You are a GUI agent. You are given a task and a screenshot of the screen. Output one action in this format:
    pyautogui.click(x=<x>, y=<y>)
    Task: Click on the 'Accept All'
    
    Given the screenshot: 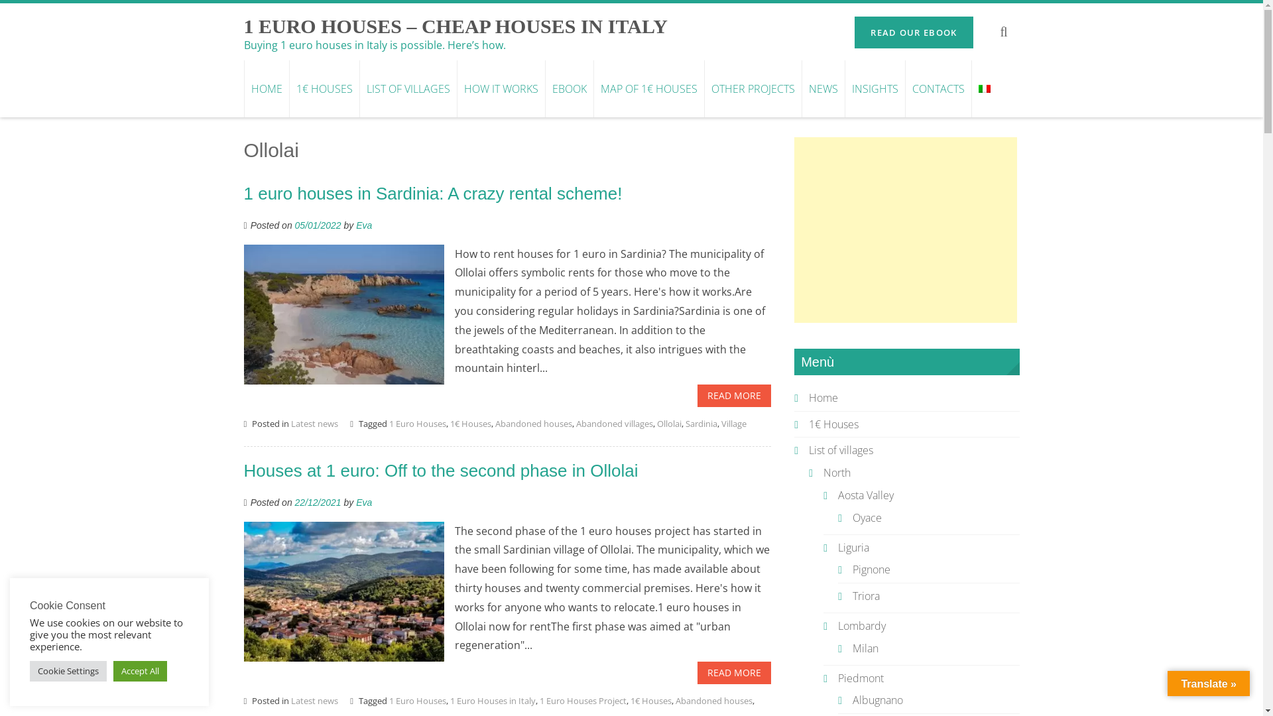 What is the action you would take?
    pyautogui.click(x=113, y=671)
    